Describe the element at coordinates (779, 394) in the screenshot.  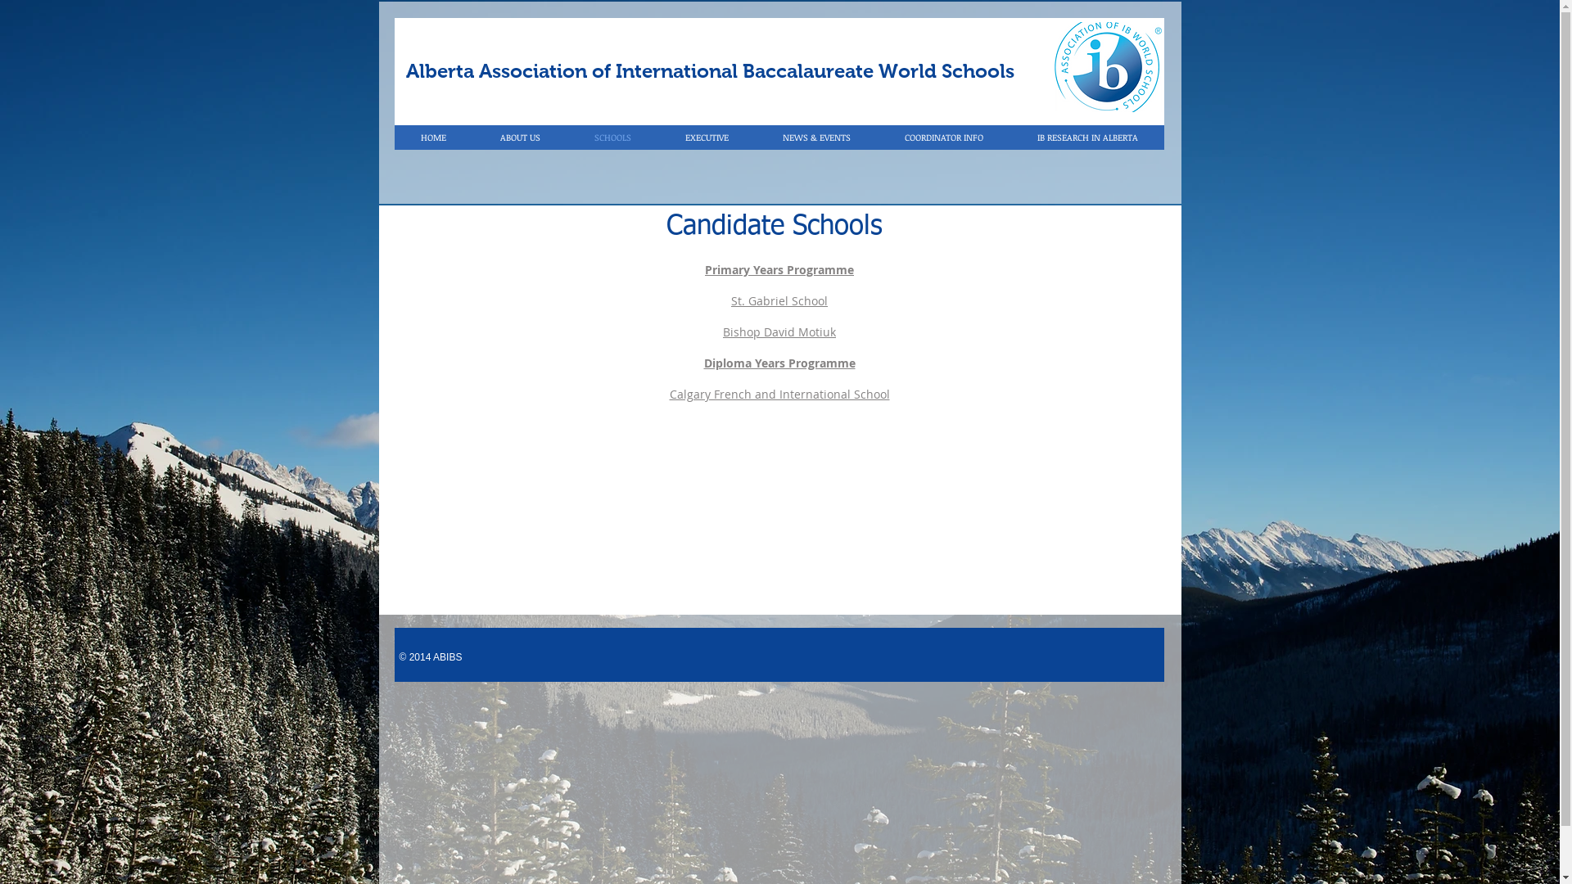
I see `'Calgary French and International School'` at that location.